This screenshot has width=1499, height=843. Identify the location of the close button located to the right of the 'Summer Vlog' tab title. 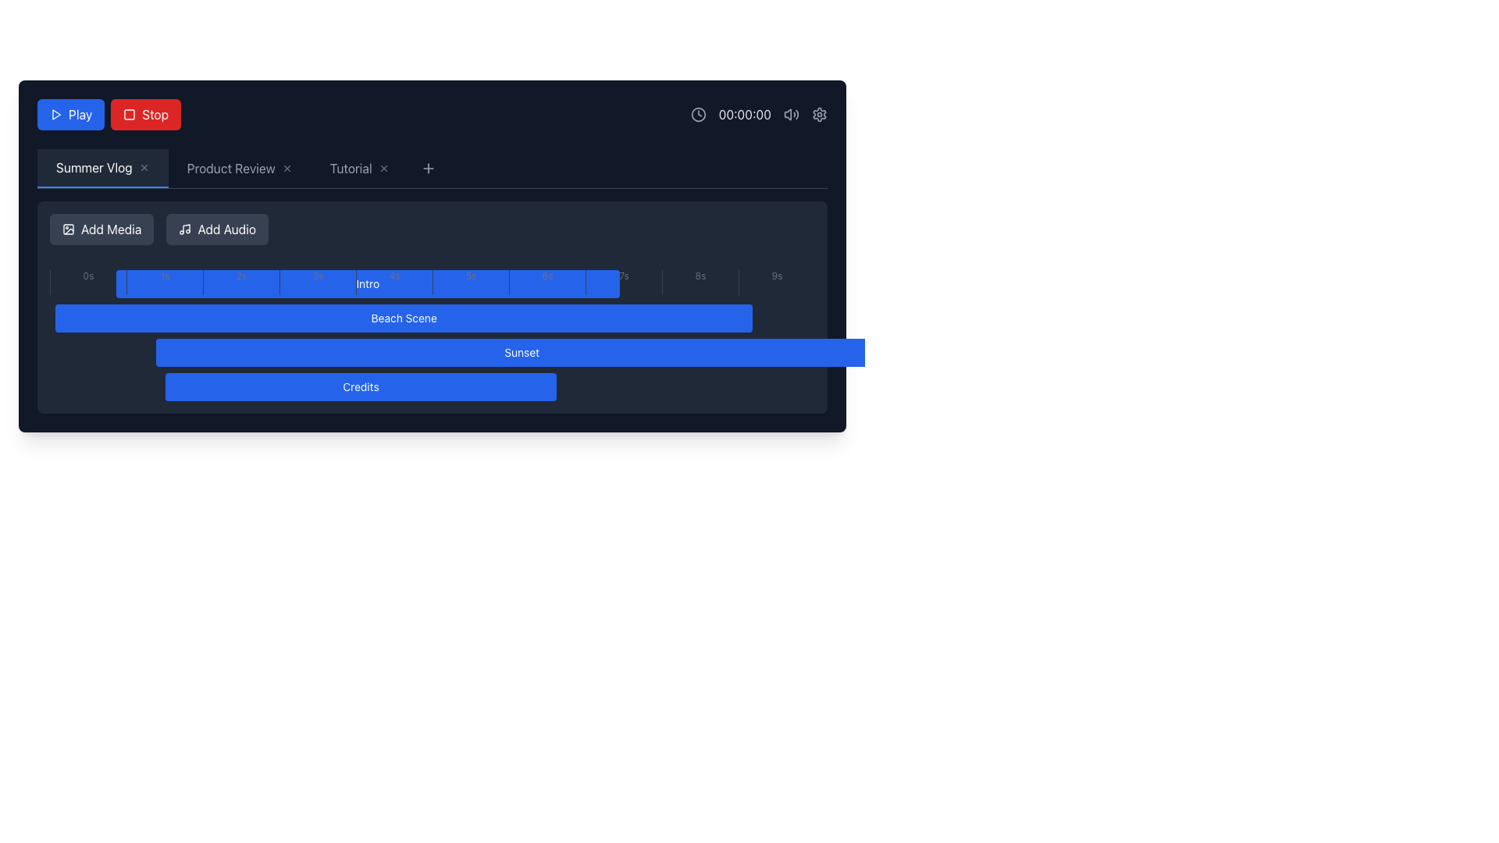
(144, 168).